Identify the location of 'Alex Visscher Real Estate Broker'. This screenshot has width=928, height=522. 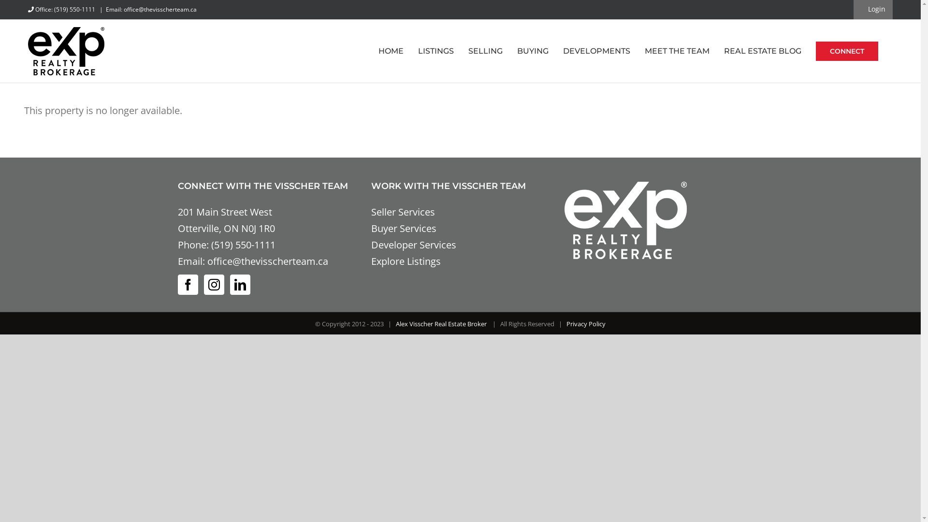
(396, 324).